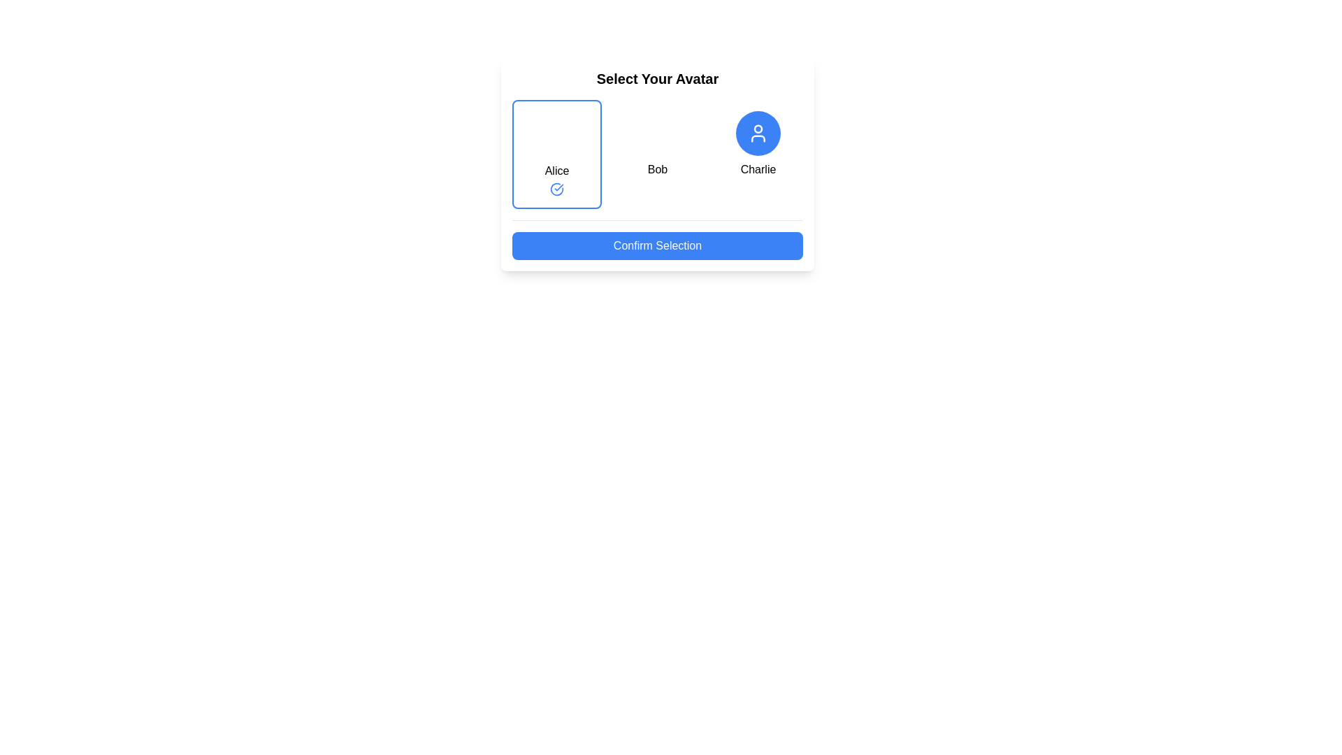 The height and width of the screenshot is (755, 1342). What do you see at coordinates (556, 189) in the screenshot?
I see `active selection icon for the 'Alice' avatar located near the center-bottom of the avatar box` at bounding box center [556, 189].